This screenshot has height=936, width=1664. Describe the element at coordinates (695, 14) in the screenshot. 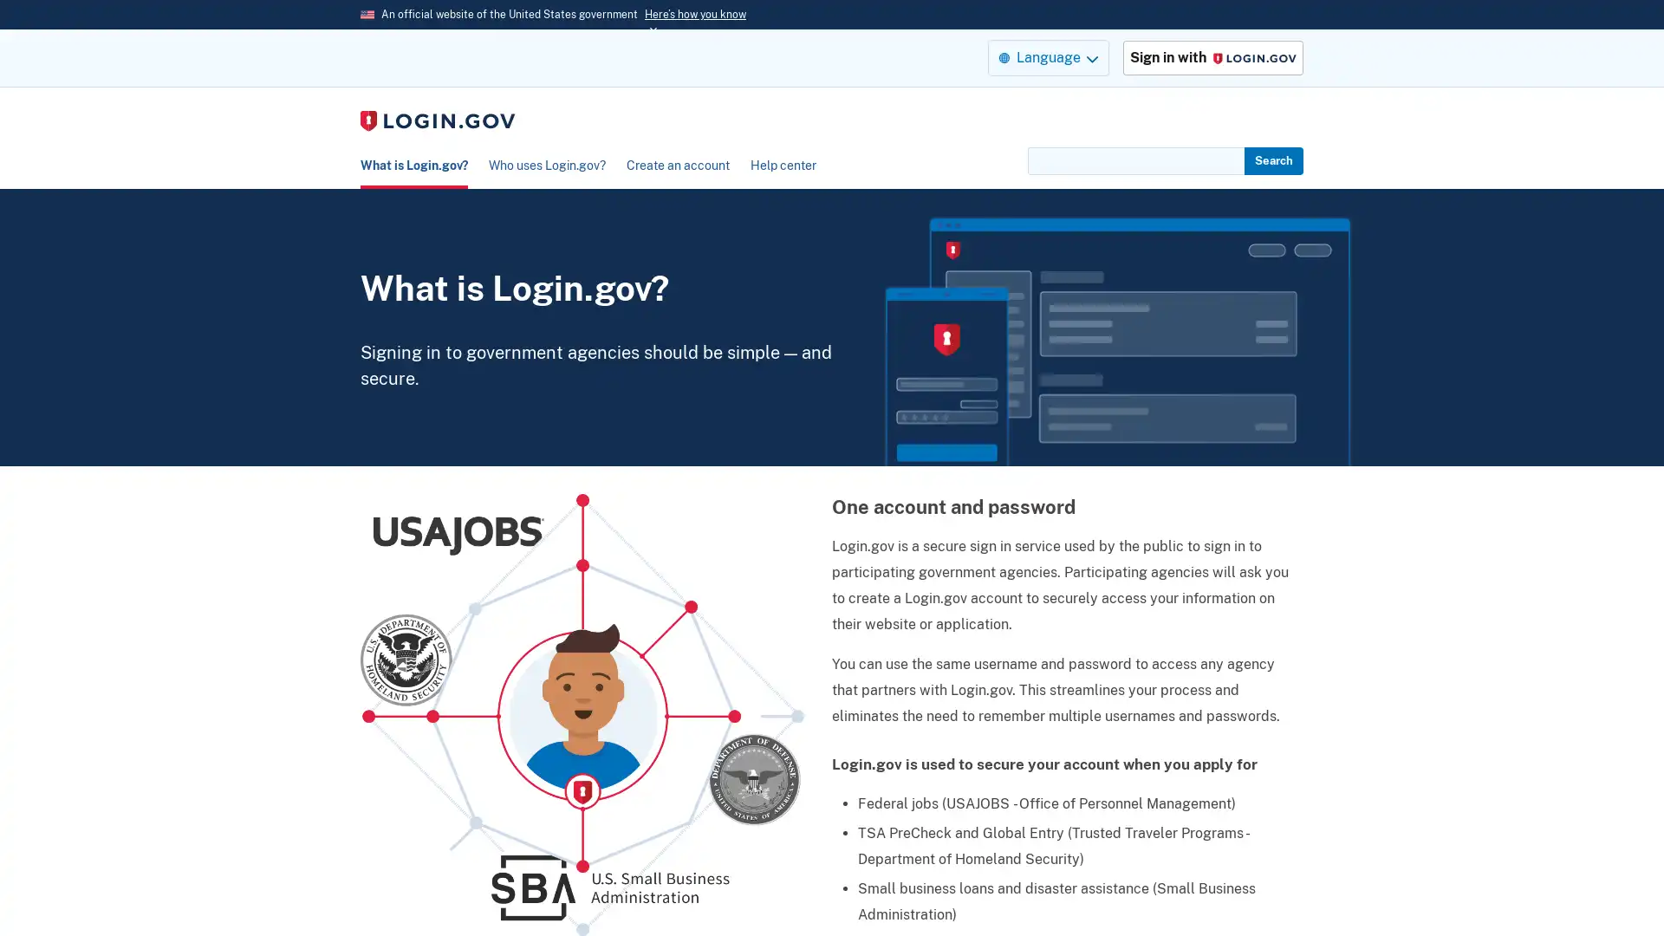

I see `Heres how you know` at that location.